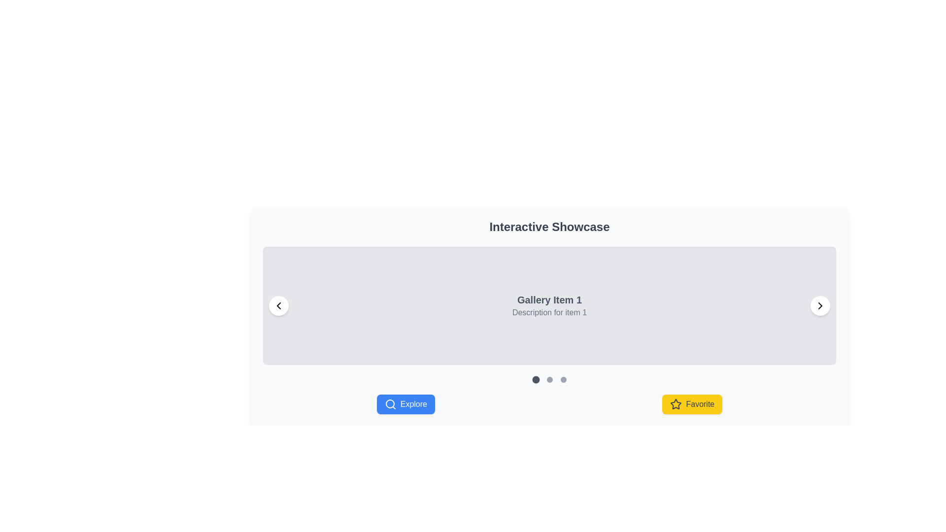 This screenshot has height=532, width=946. I want to click on the 'Favorite' button, which has a yellow background, rounded corners, and contains a star icon and the text 'Favorite', to observe any styling changes, so click(692, 404).